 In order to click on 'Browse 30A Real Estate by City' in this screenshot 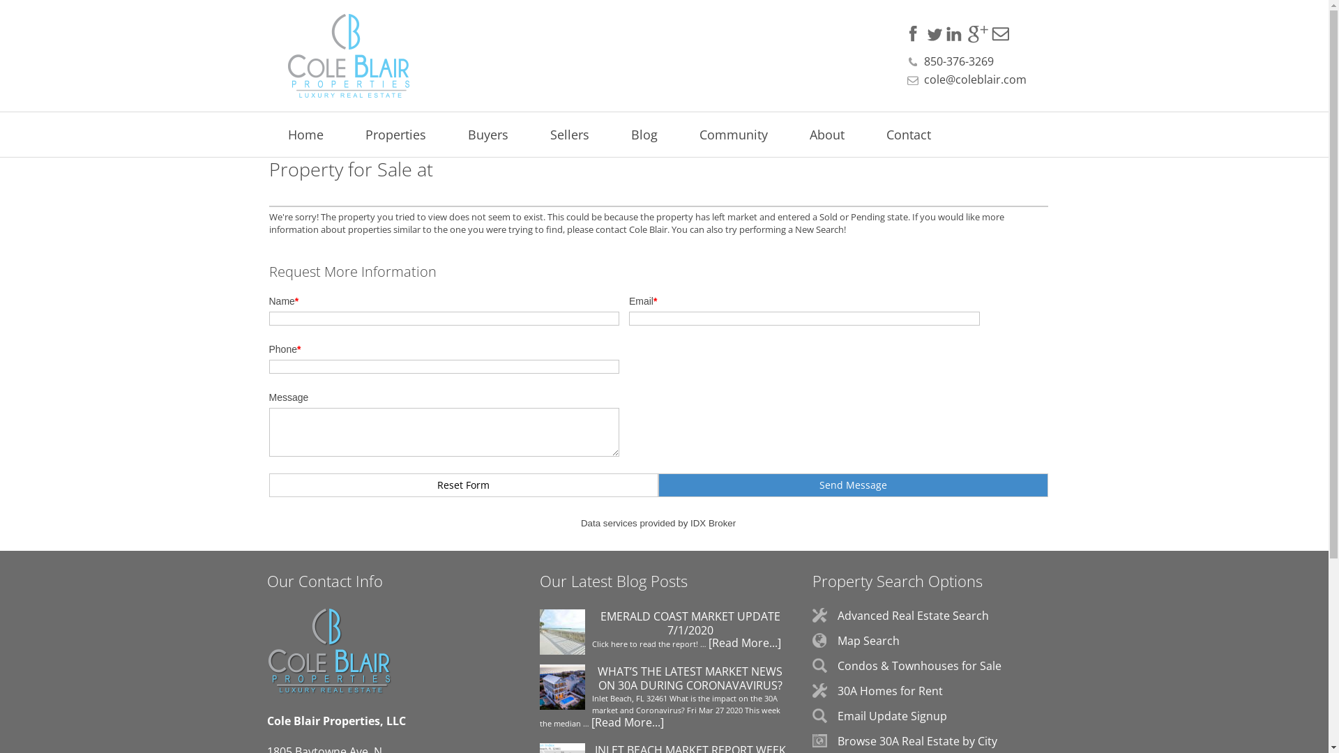, I will do `click(917, 740)`.